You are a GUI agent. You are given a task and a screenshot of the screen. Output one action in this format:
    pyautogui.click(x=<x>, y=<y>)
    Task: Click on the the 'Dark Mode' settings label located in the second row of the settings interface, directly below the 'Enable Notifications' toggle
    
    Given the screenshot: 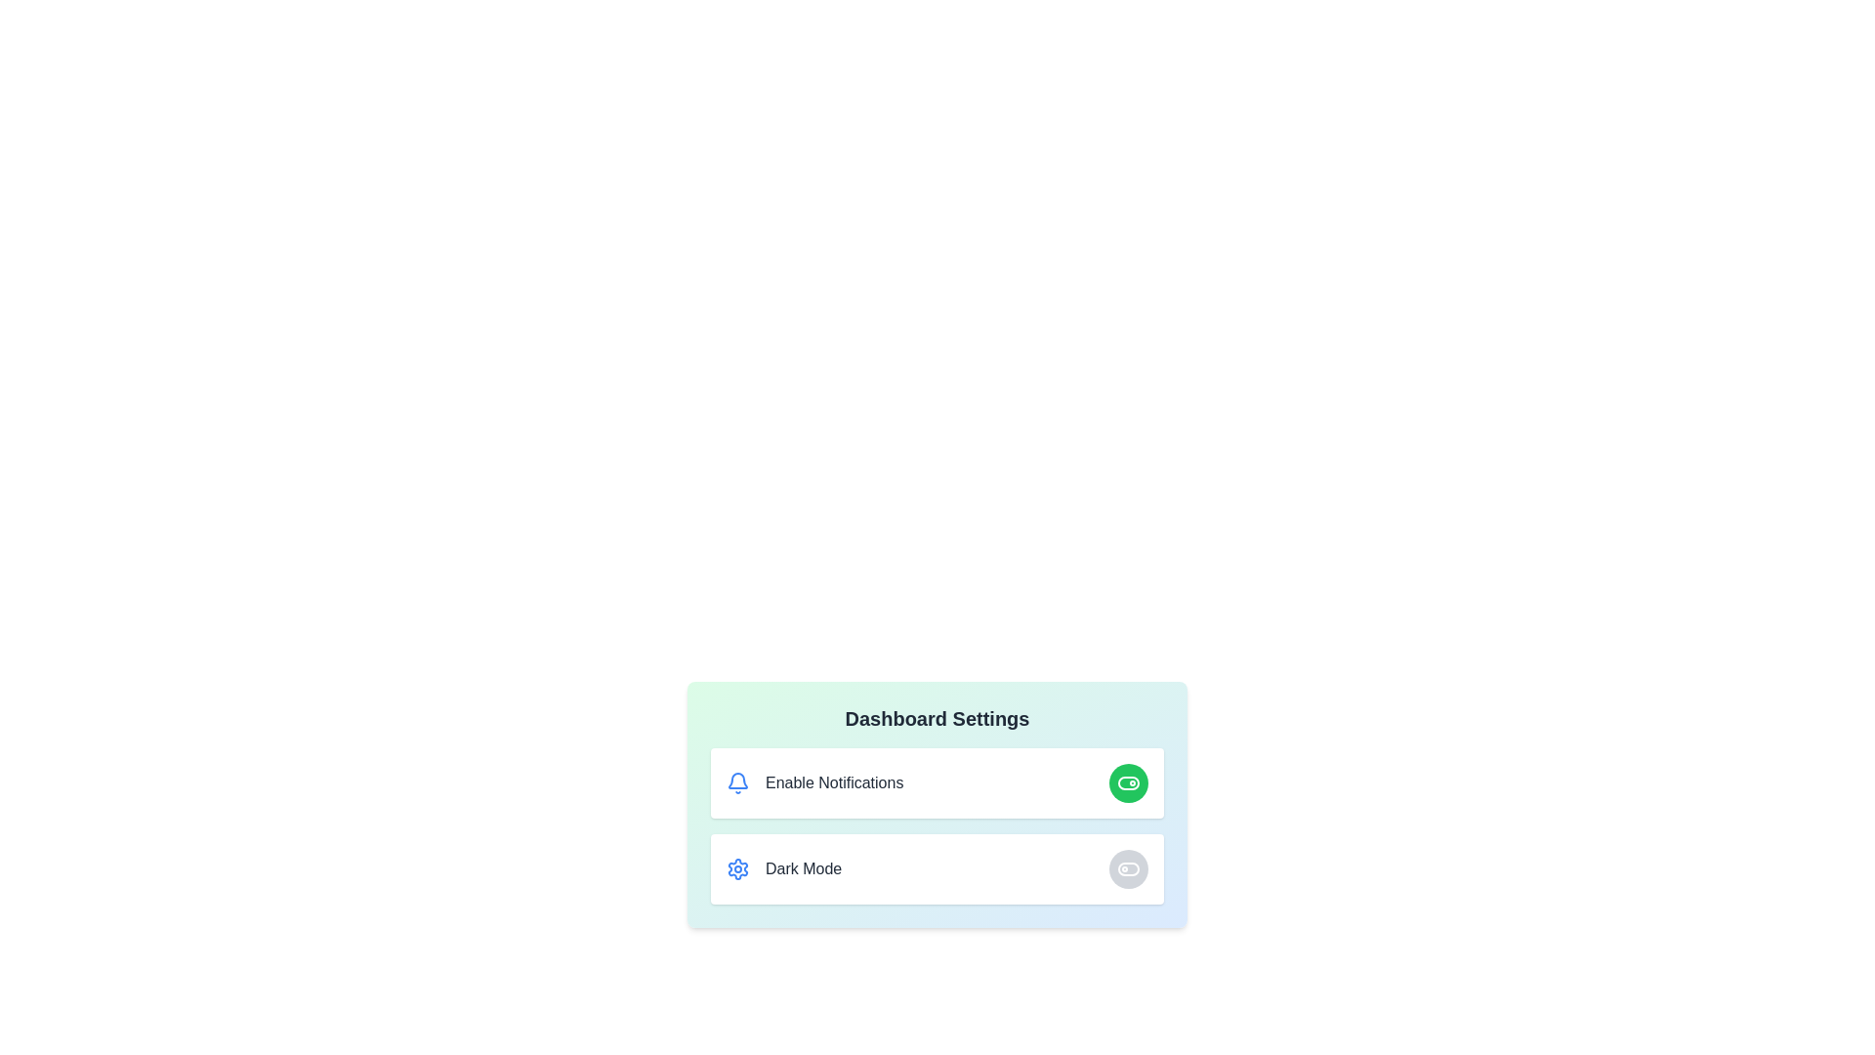 What is the action you would take?
    pyautogui.click(x=784, y=868)
    